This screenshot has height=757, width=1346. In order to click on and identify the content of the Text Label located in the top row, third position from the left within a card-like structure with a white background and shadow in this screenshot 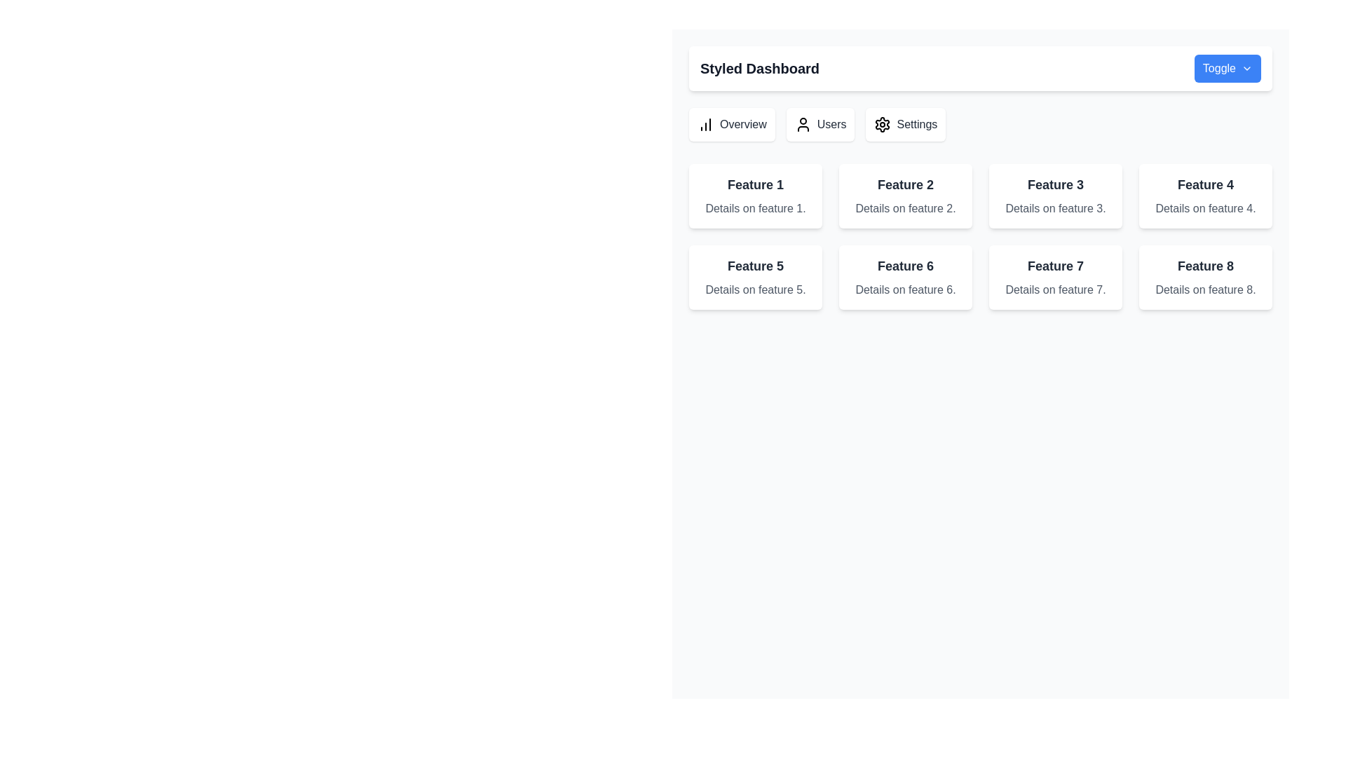, I will do `click(1056, 184)`.